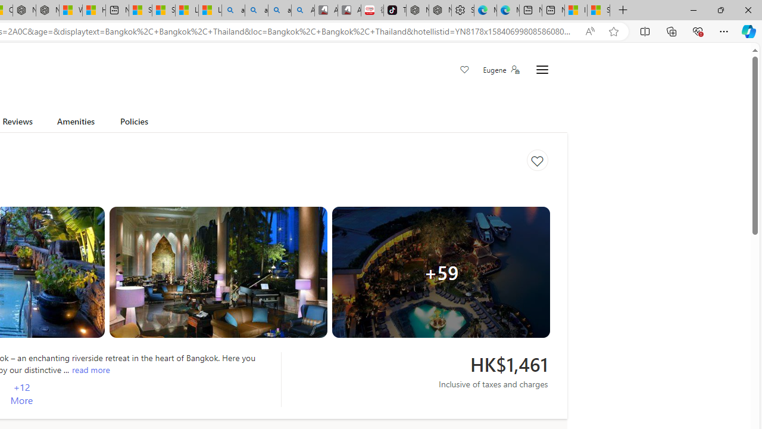 The image size is (762, 429). I want to click on 'Read aloud this page (Ctrl+Shift+U)', so click(590, 31).